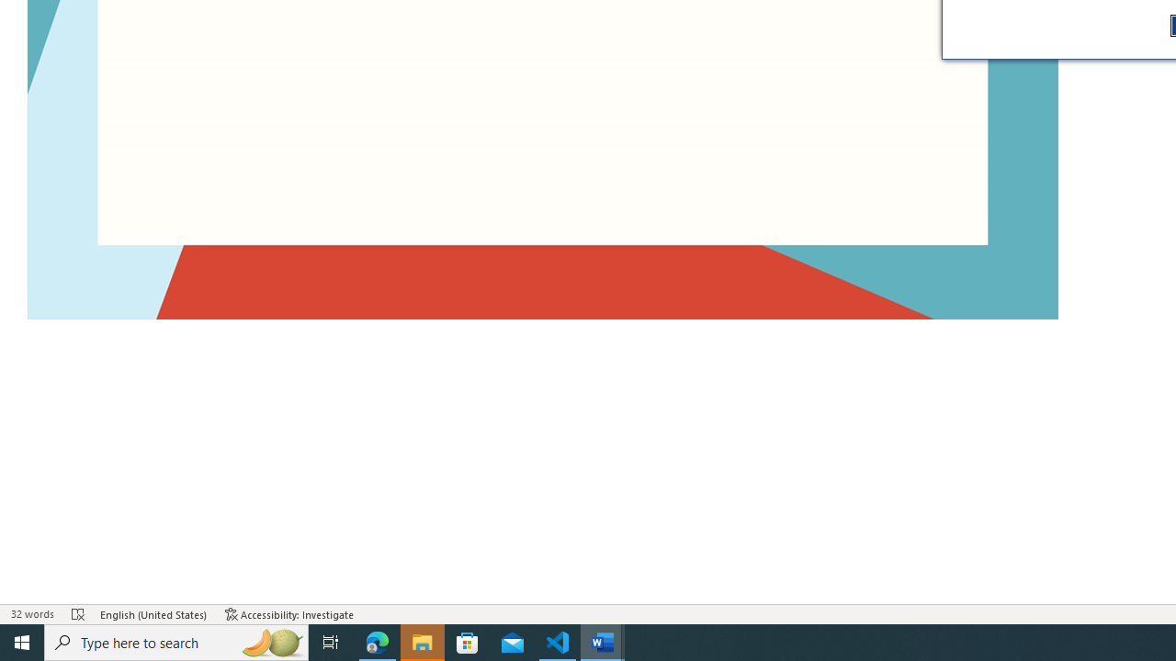 This screenshot has width=1176, height=661. Describe the element at coordinates (377, 641) in the screenshot. I see `'Microsoft Edge - 1 running window'` at that location.